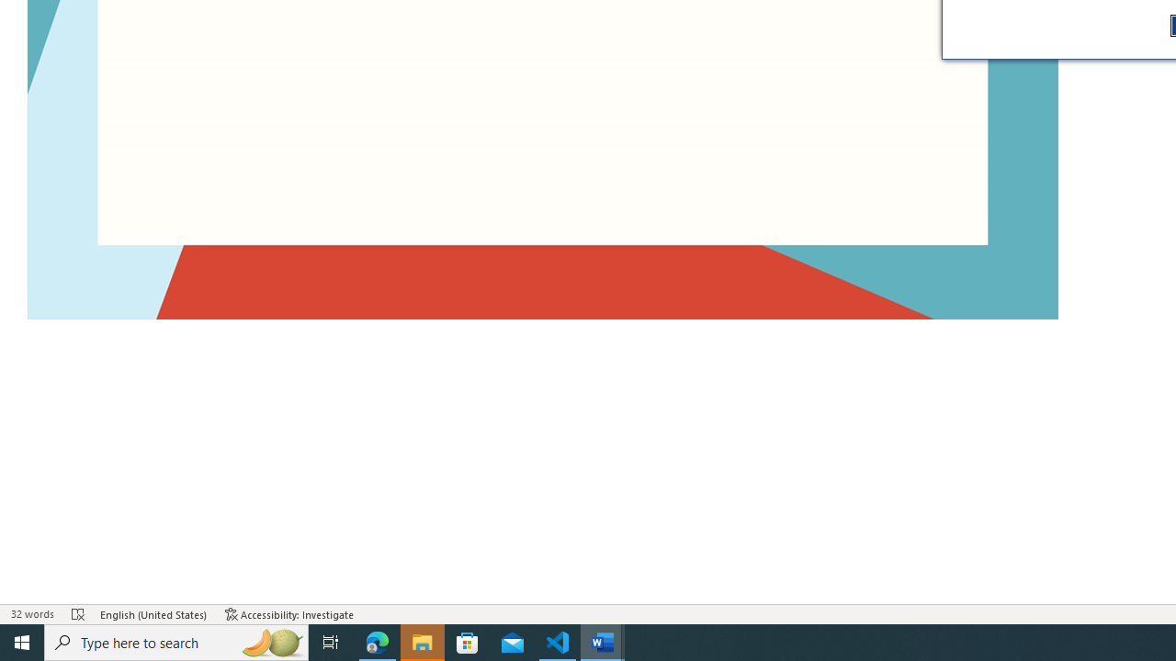 This screenshot has width=1176, height=661. Describe the element at coordinates (377, 641) in the screenshot. I see `'Microsoft Edge - 1 running window'` at that location.